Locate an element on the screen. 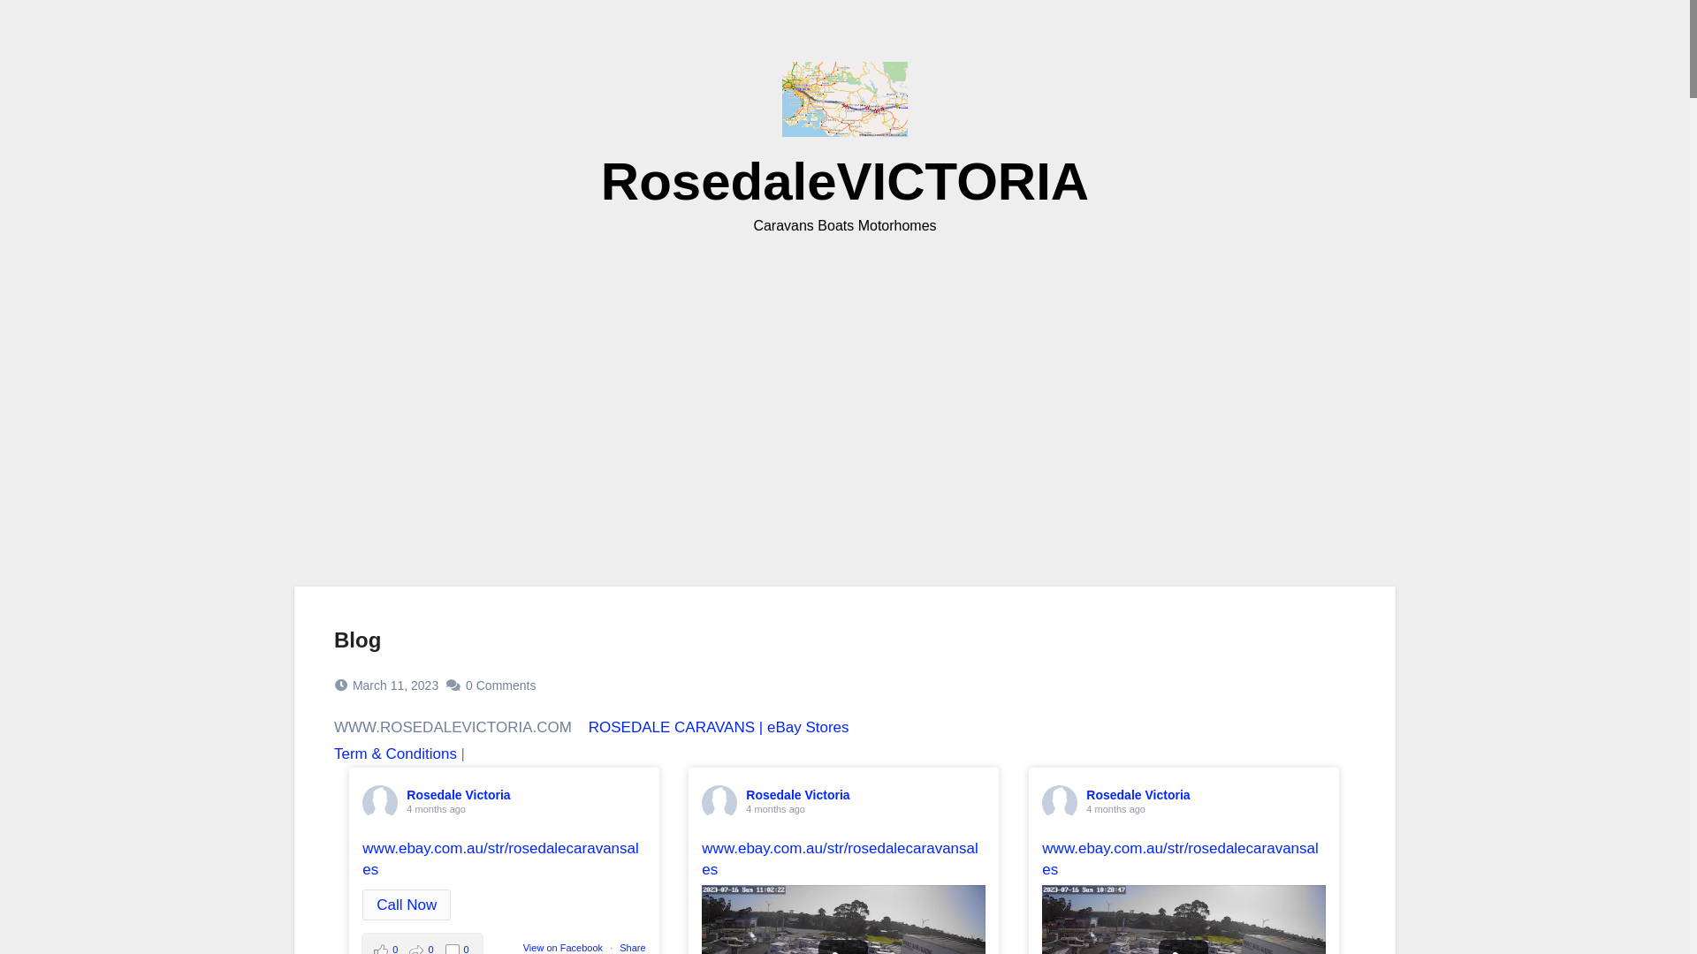 The image size is (1697, 954). '0 Comments' is located at coordinates (499, 684).